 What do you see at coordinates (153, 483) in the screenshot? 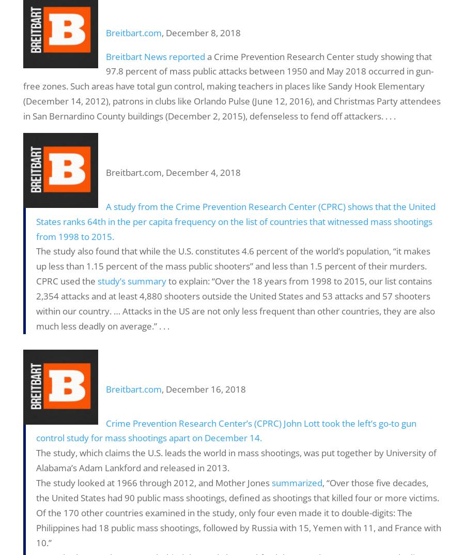
I see `'The study looked at 1966 through 2012, and Mother Jones'` at bounding box center [153, 483].